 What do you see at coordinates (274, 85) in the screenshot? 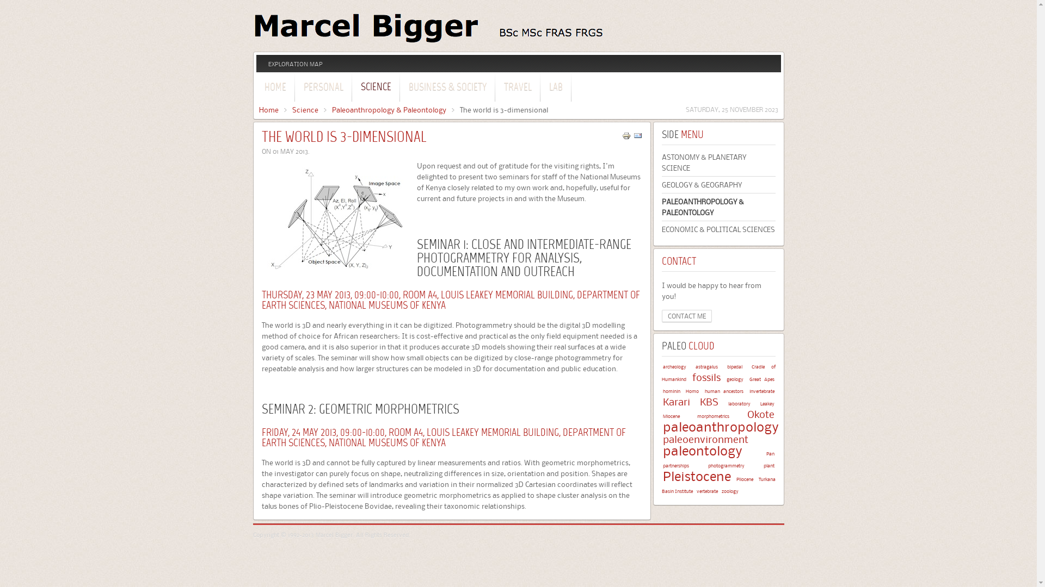
I see `'HOME'` at bounding box center [274, 85].